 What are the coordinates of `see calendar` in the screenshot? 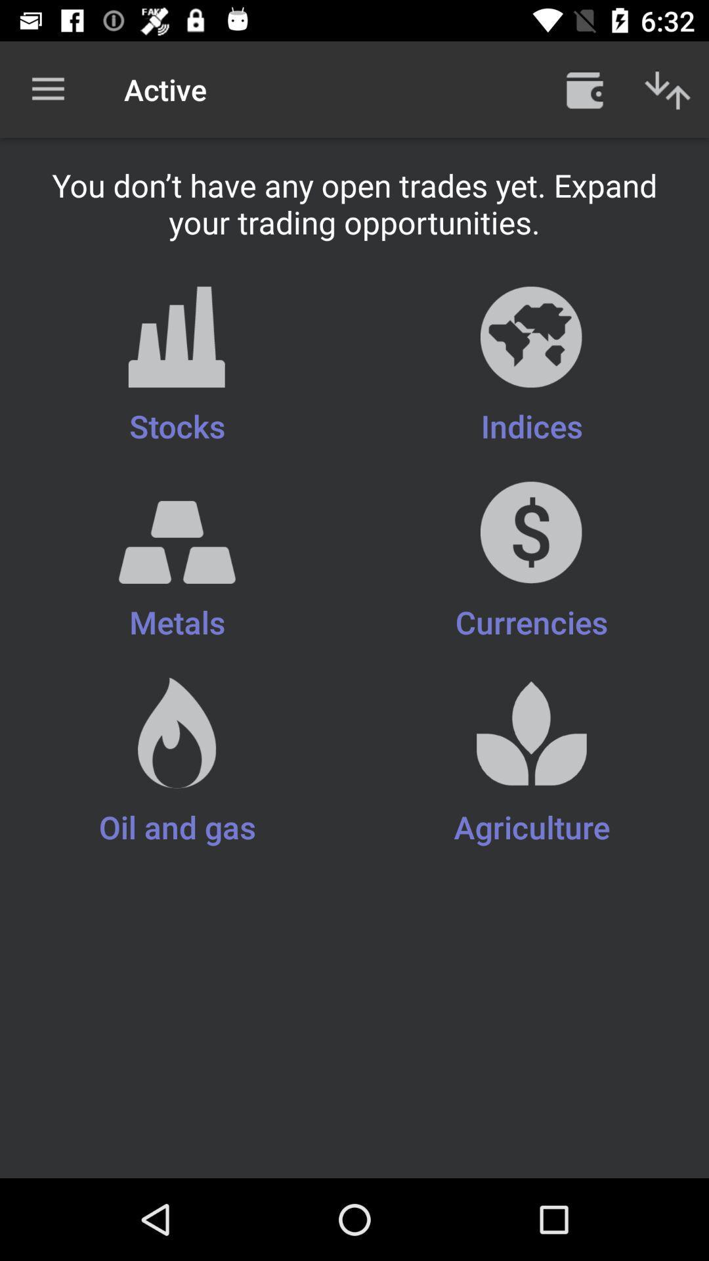 It's located at (584, 89).